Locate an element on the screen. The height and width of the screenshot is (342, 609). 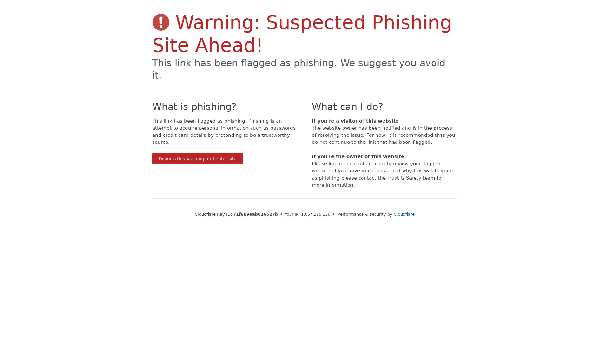
Dismiss this warning and enter site is located at coordinates (197, 158).